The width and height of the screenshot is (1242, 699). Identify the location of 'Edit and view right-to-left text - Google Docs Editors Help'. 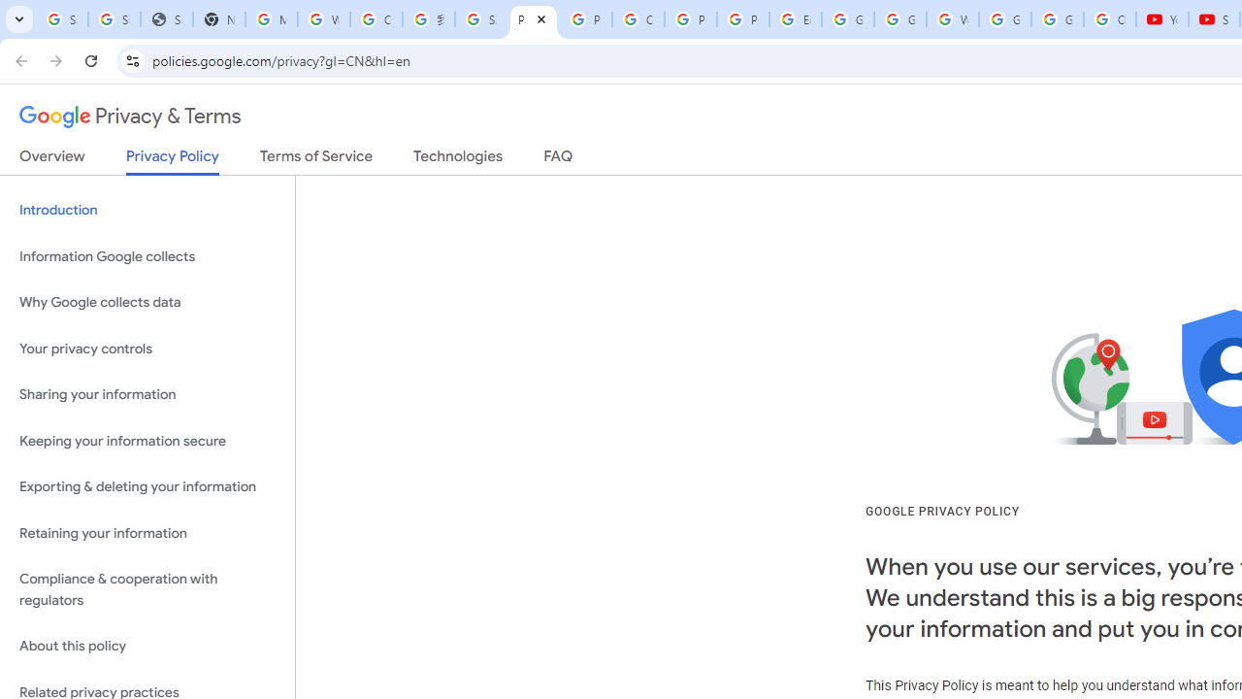
(795, 19).